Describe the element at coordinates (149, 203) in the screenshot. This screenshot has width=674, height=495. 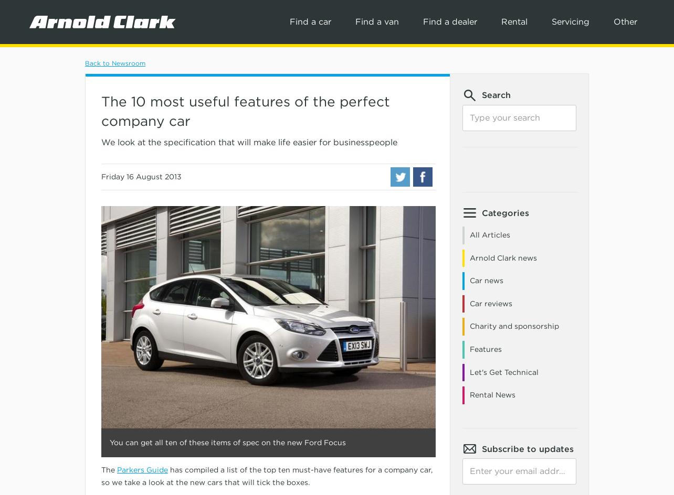
I see `'Citroën'` at that location.